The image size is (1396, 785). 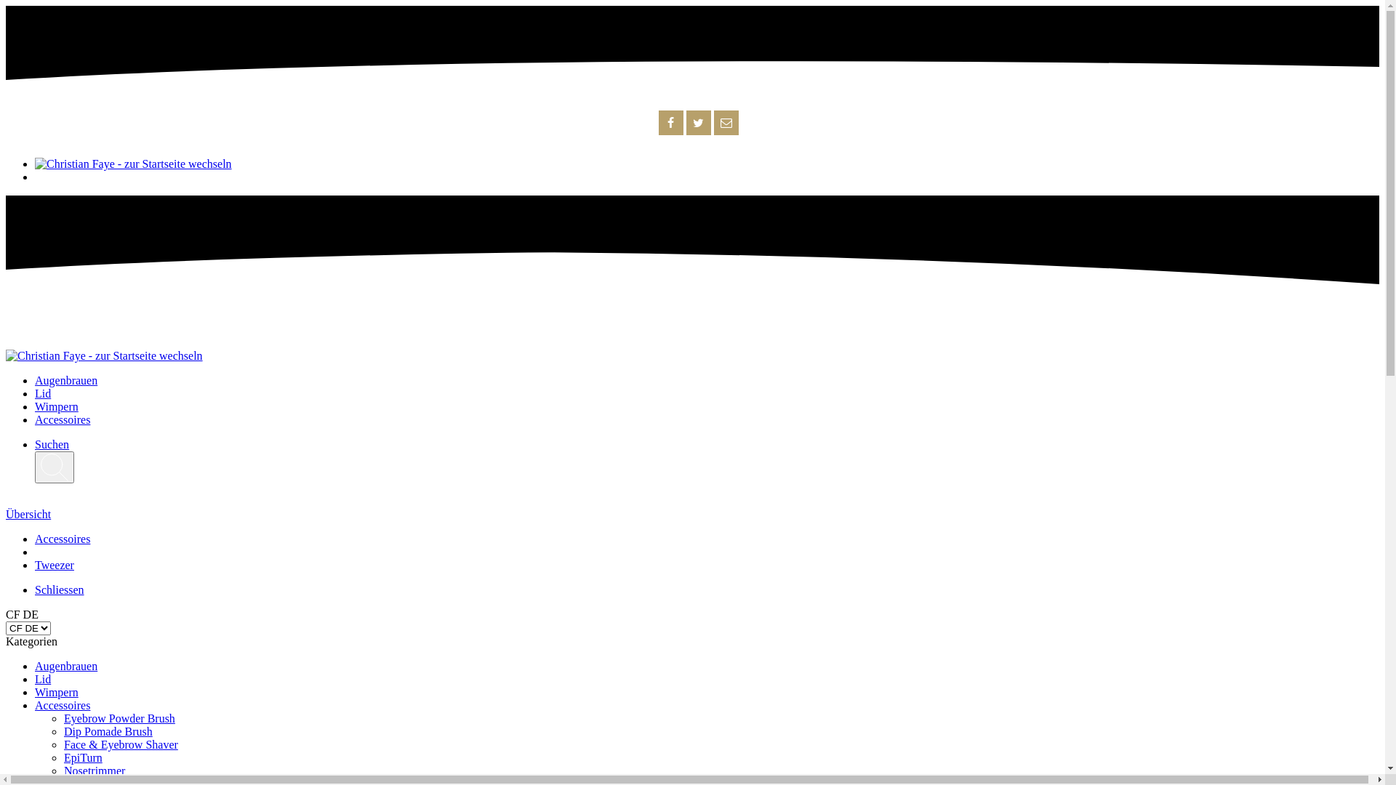 What do you see at coordinates (35, 164) in the screenshot?
I see `'Christian Faye - zur Startseite wechseln'` at bounding box center [35, 164].